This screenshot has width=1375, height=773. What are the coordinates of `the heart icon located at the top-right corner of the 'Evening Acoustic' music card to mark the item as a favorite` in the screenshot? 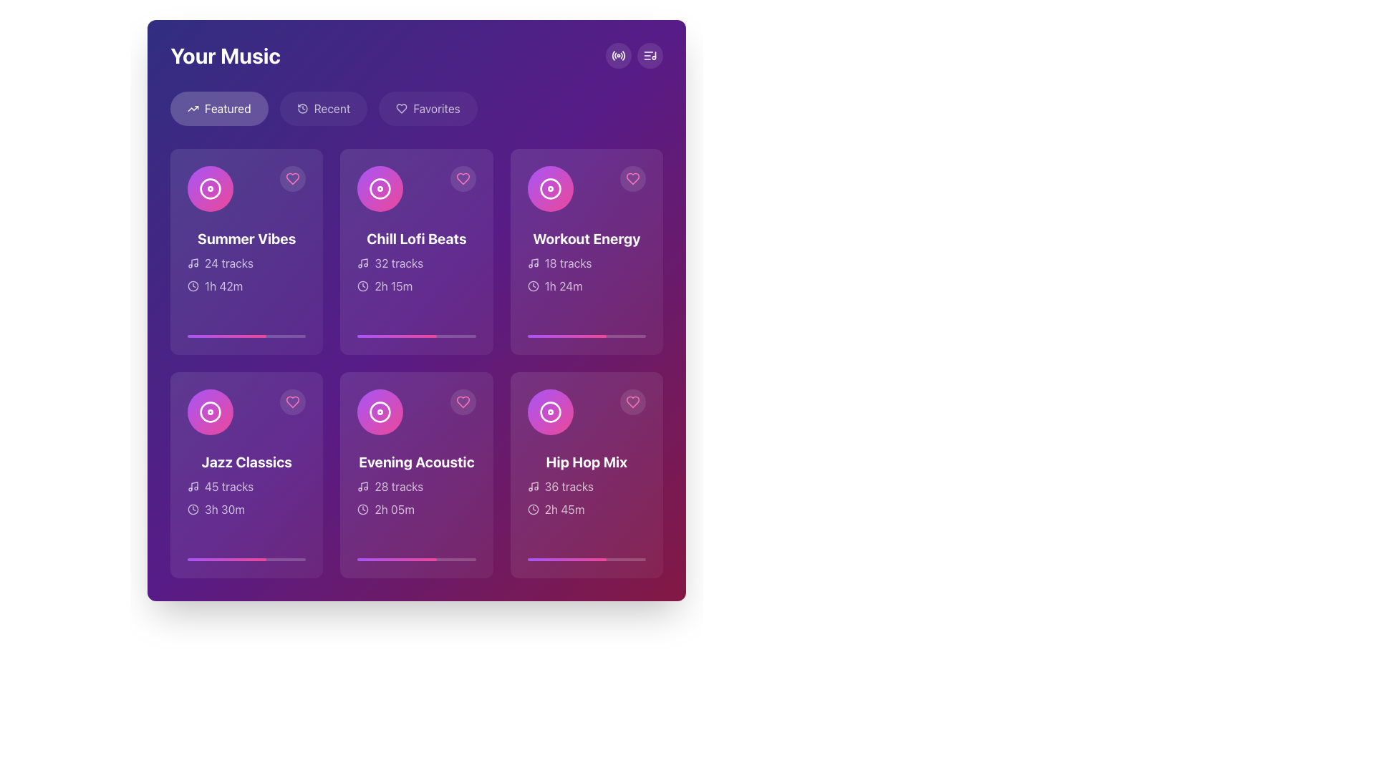 It's located at (463, 402).